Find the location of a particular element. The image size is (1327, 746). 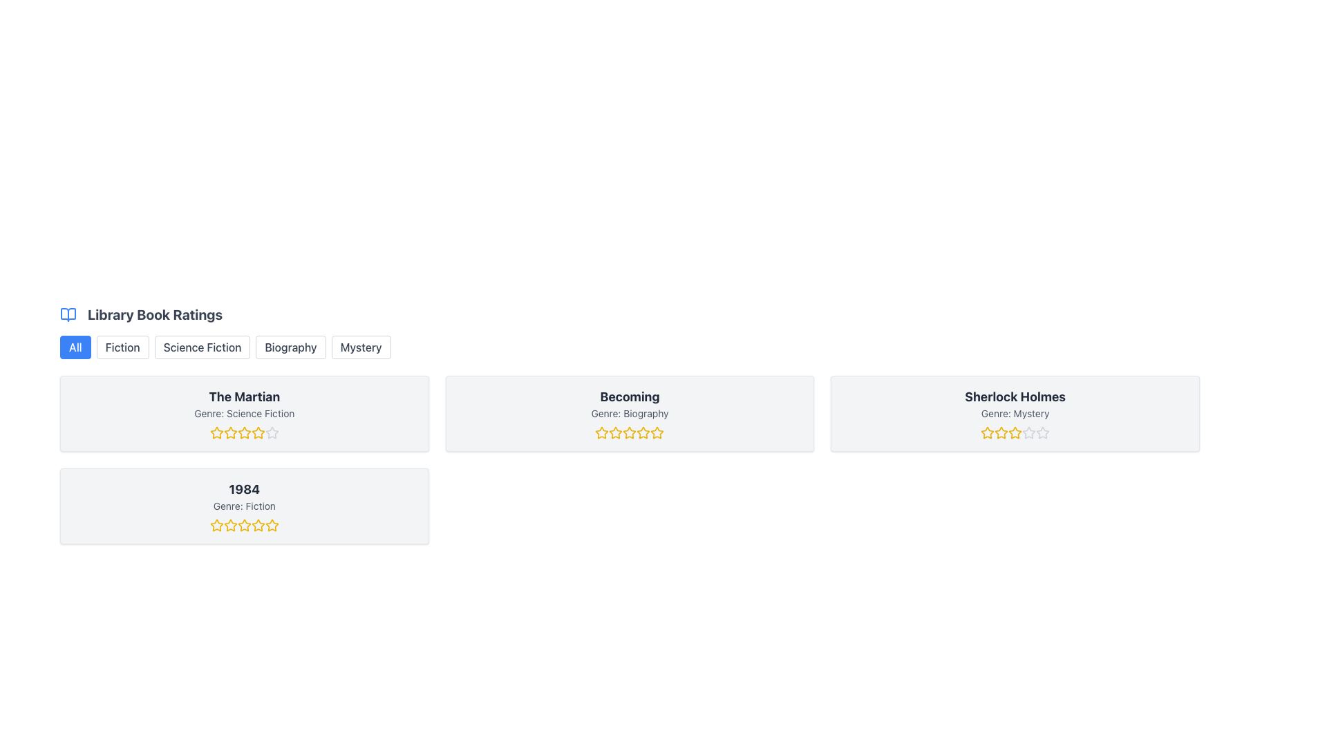

the fourth star icon in the horizontal group of five stars under the 'Becoming' card is located at coordinates (643, 432).